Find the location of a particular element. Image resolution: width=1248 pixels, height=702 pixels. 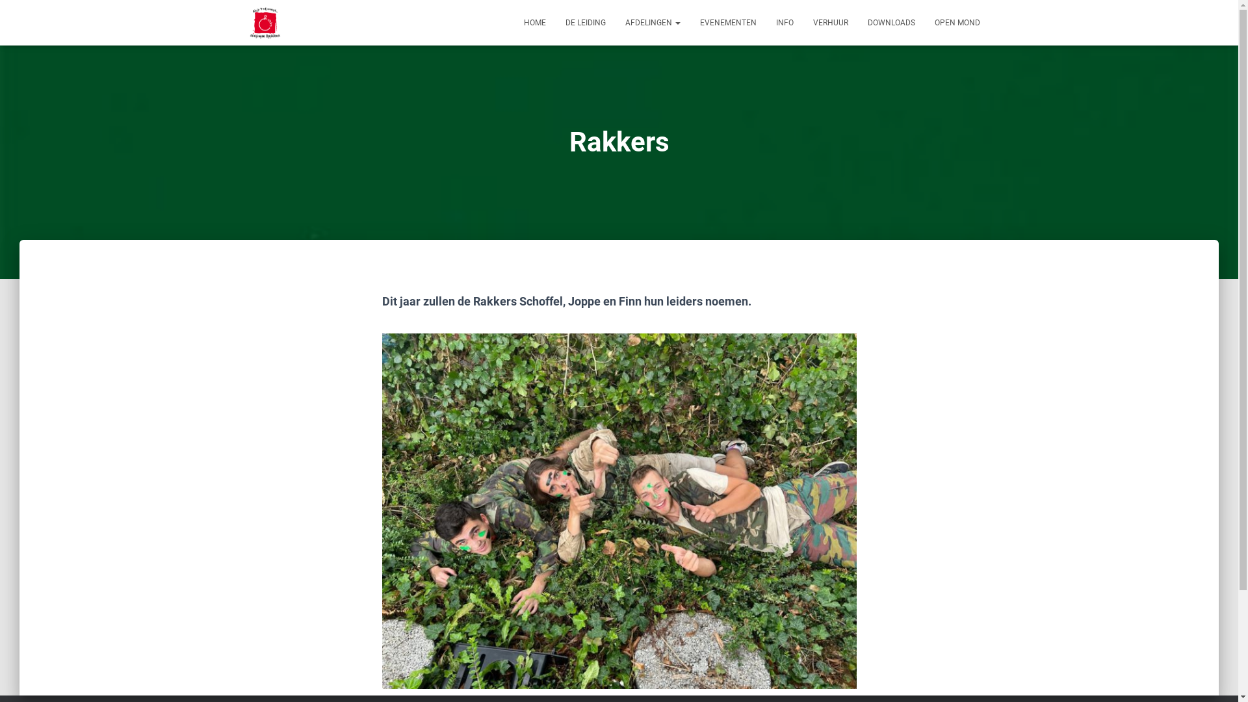

'OPEN MOND' is located at coordinates (923, 22).